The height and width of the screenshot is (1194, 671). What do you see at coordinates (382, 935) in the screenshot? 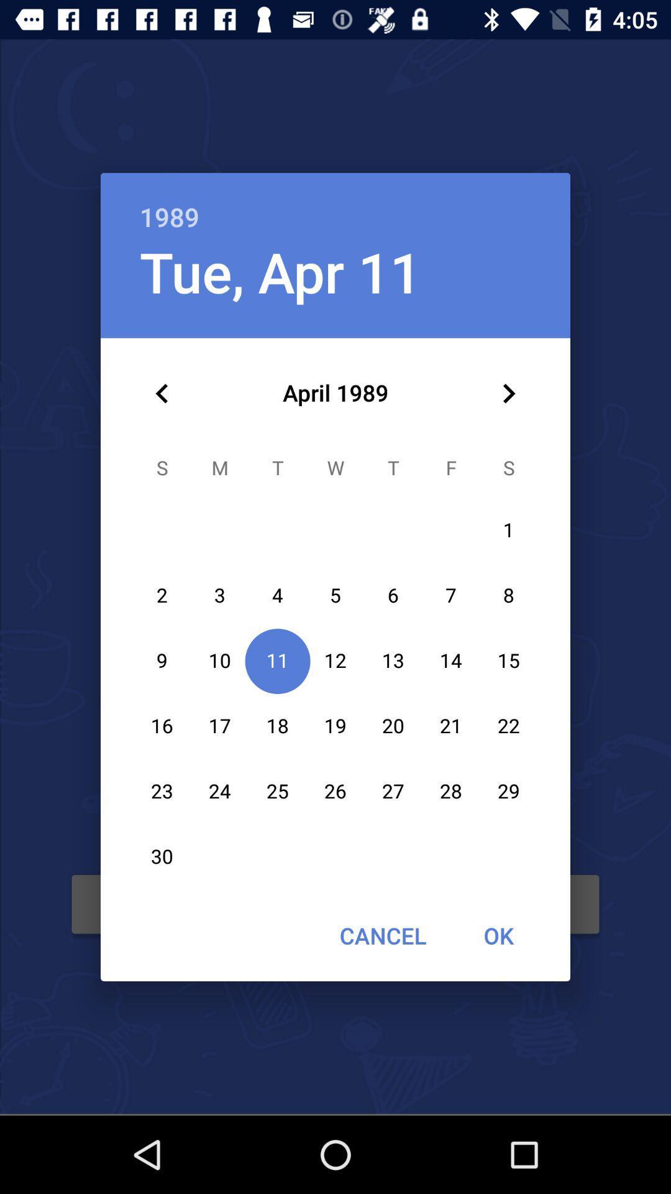
I see `the cancel item` at bounding box center [382, 935].